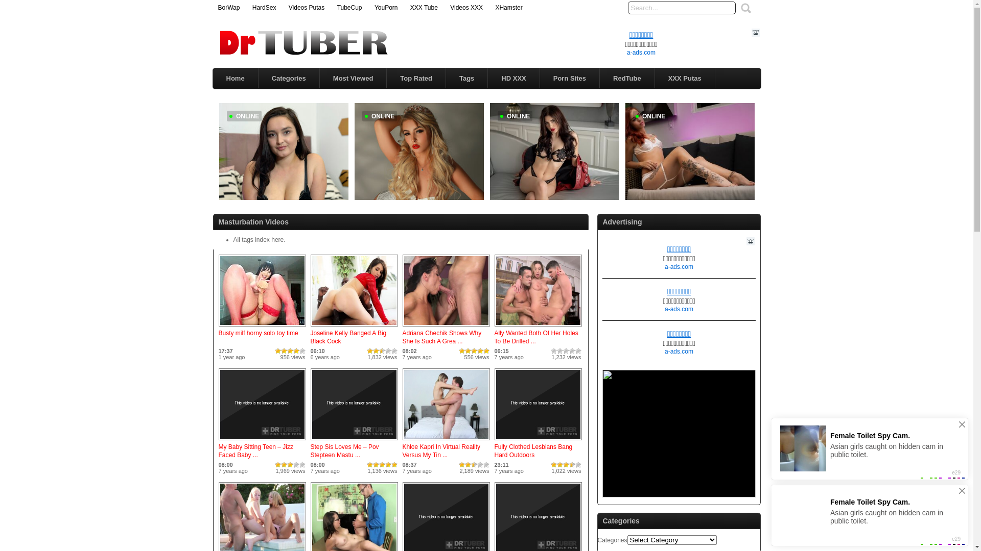  I want to click on 'Videos XXX', so click(465, 8).